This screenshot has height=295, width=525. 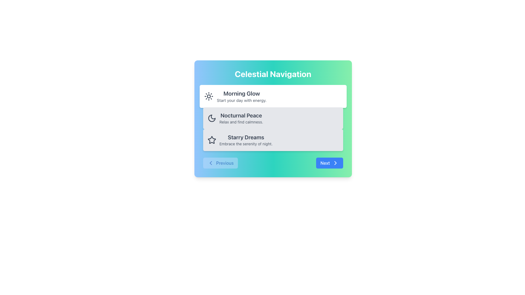 What do you see at coordinates (211, 118) in the screenshot?
I see `the decorative icon representing 'Nocturnal Peace', located in the gray, rounded, shadowed box to the left of the title` at bounding box center [211, 118].